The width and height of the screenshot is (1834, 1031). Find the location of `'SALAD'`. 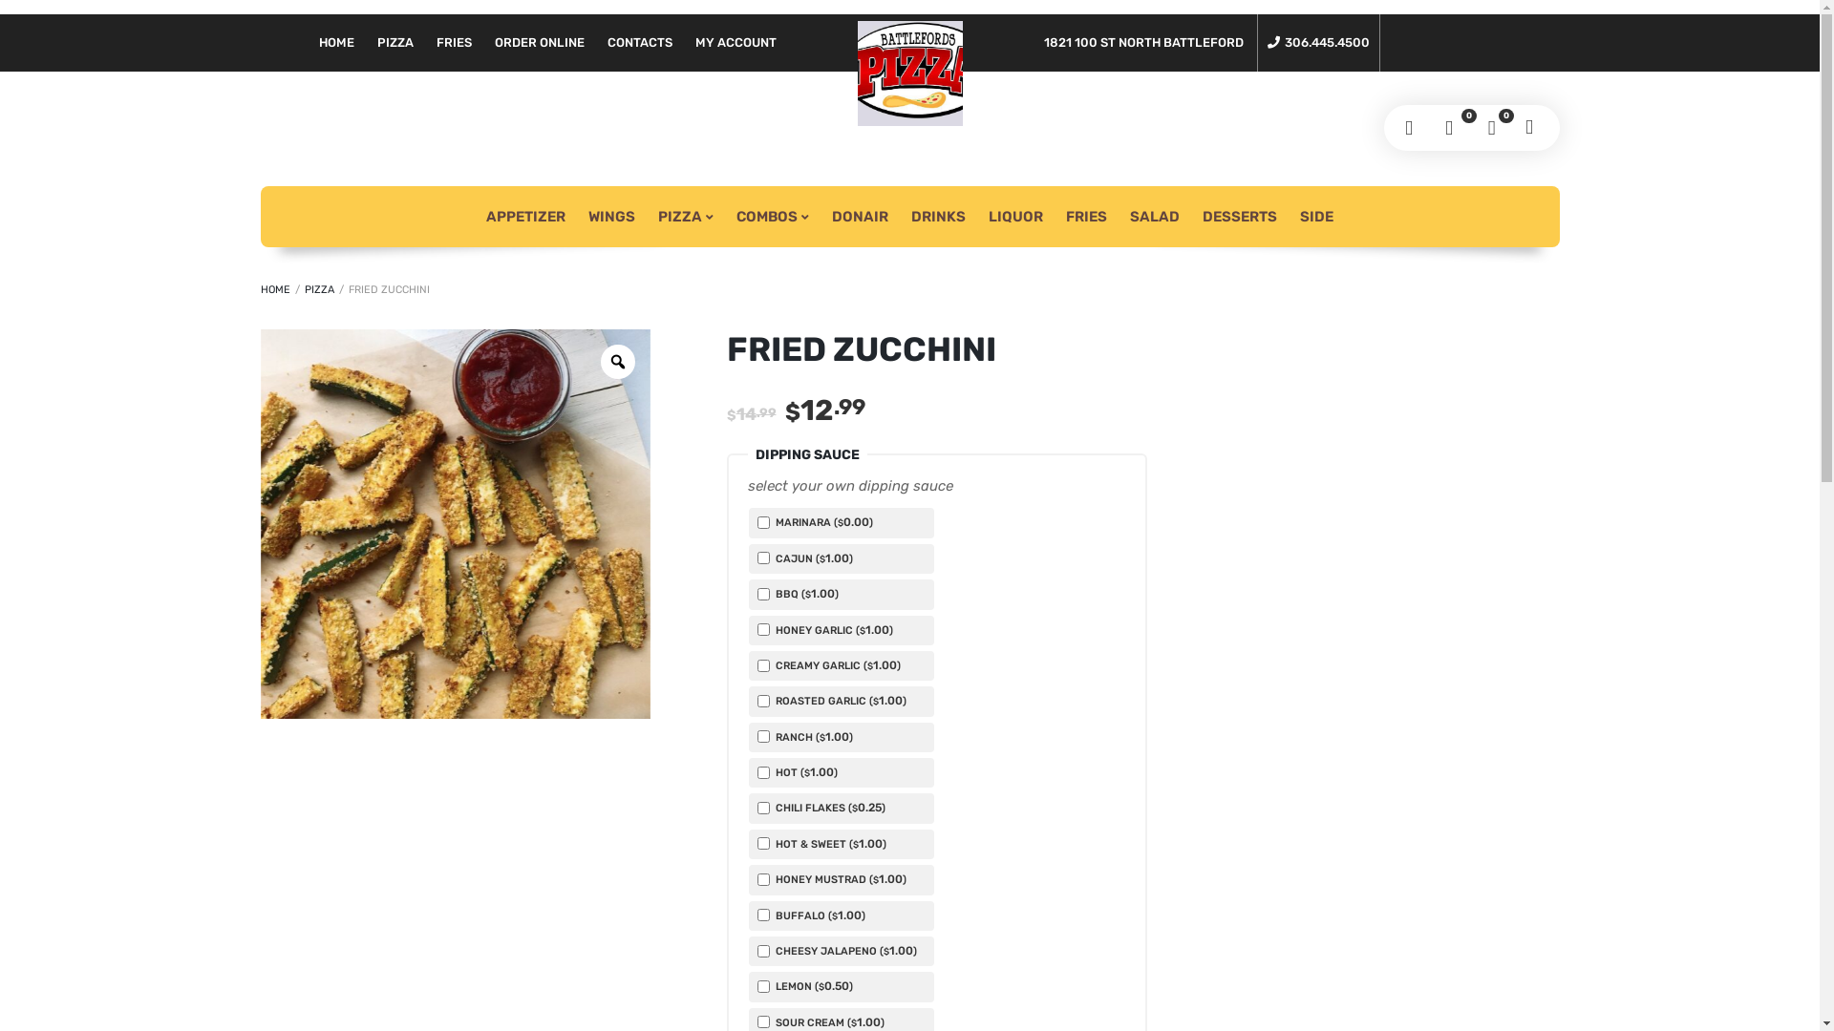

'SALAD' is located at coordinates (1120, 216).